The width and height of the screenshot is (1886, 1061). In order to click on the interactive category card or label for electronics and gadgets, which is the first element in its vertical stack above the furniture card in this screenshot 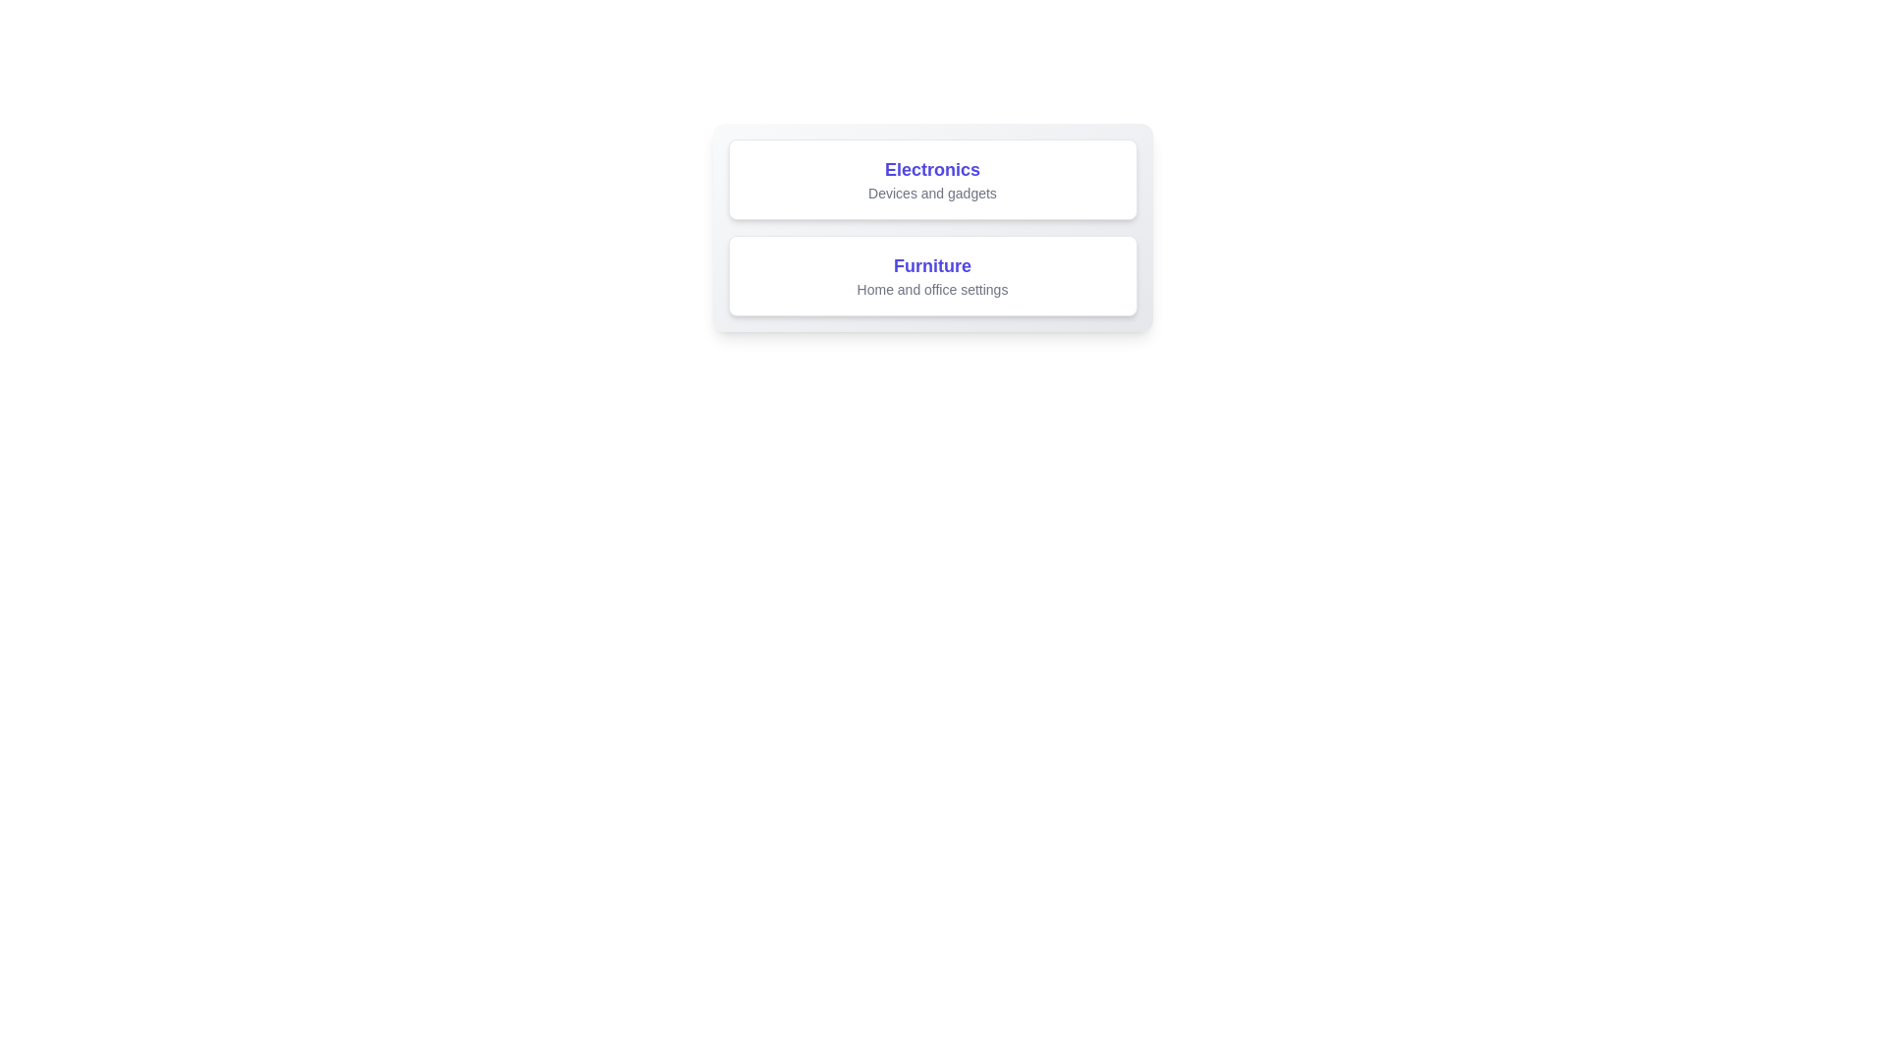, I will do `click(931, 179)`.